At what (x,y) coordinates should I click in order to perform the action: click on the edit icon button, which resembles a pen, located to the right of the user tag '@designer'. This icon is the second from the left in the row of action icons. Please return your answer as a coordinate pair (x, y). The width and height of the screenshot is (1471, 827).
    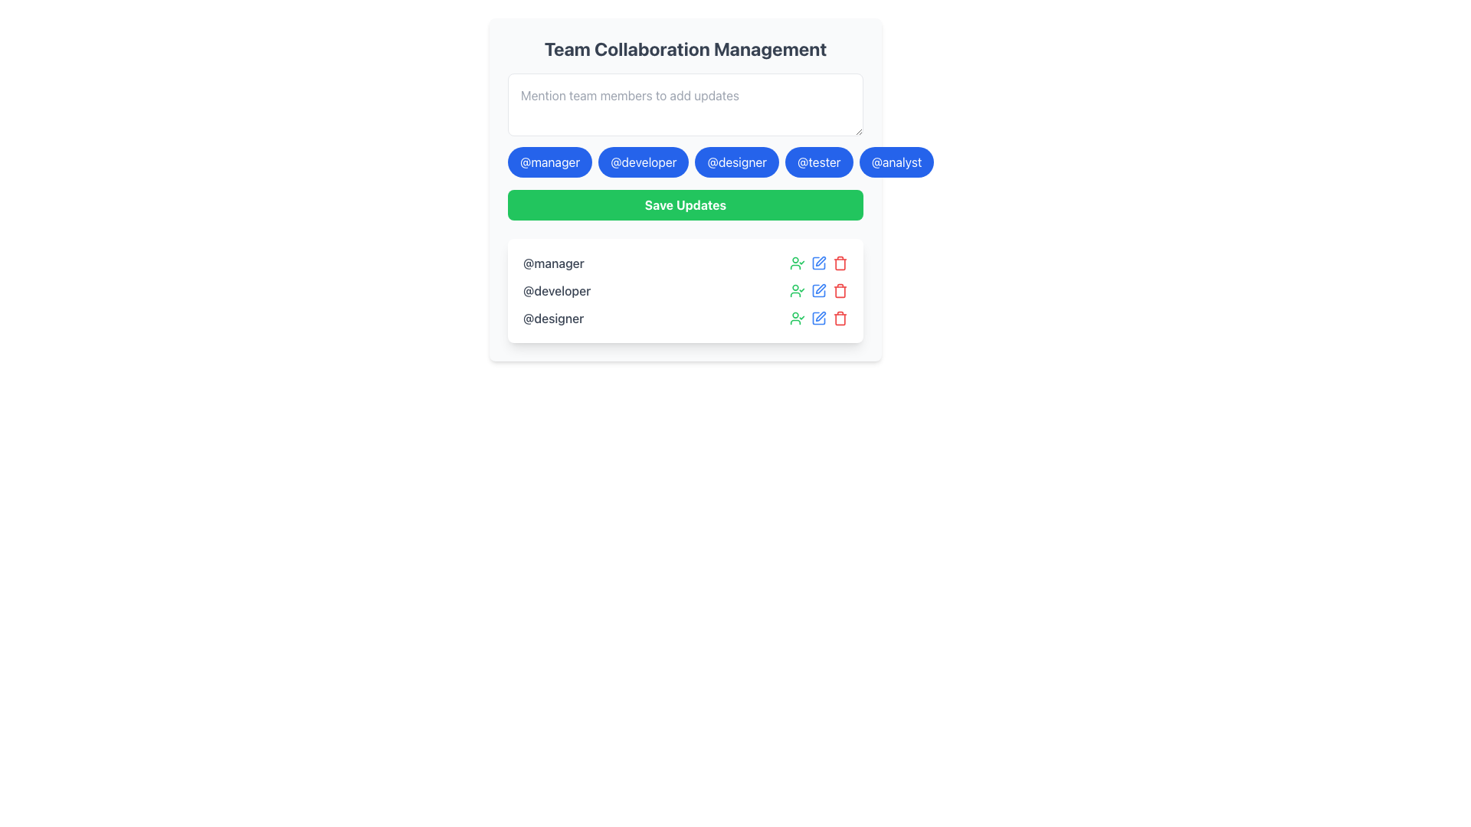
    Looking at the image, I should click on (820, 315).